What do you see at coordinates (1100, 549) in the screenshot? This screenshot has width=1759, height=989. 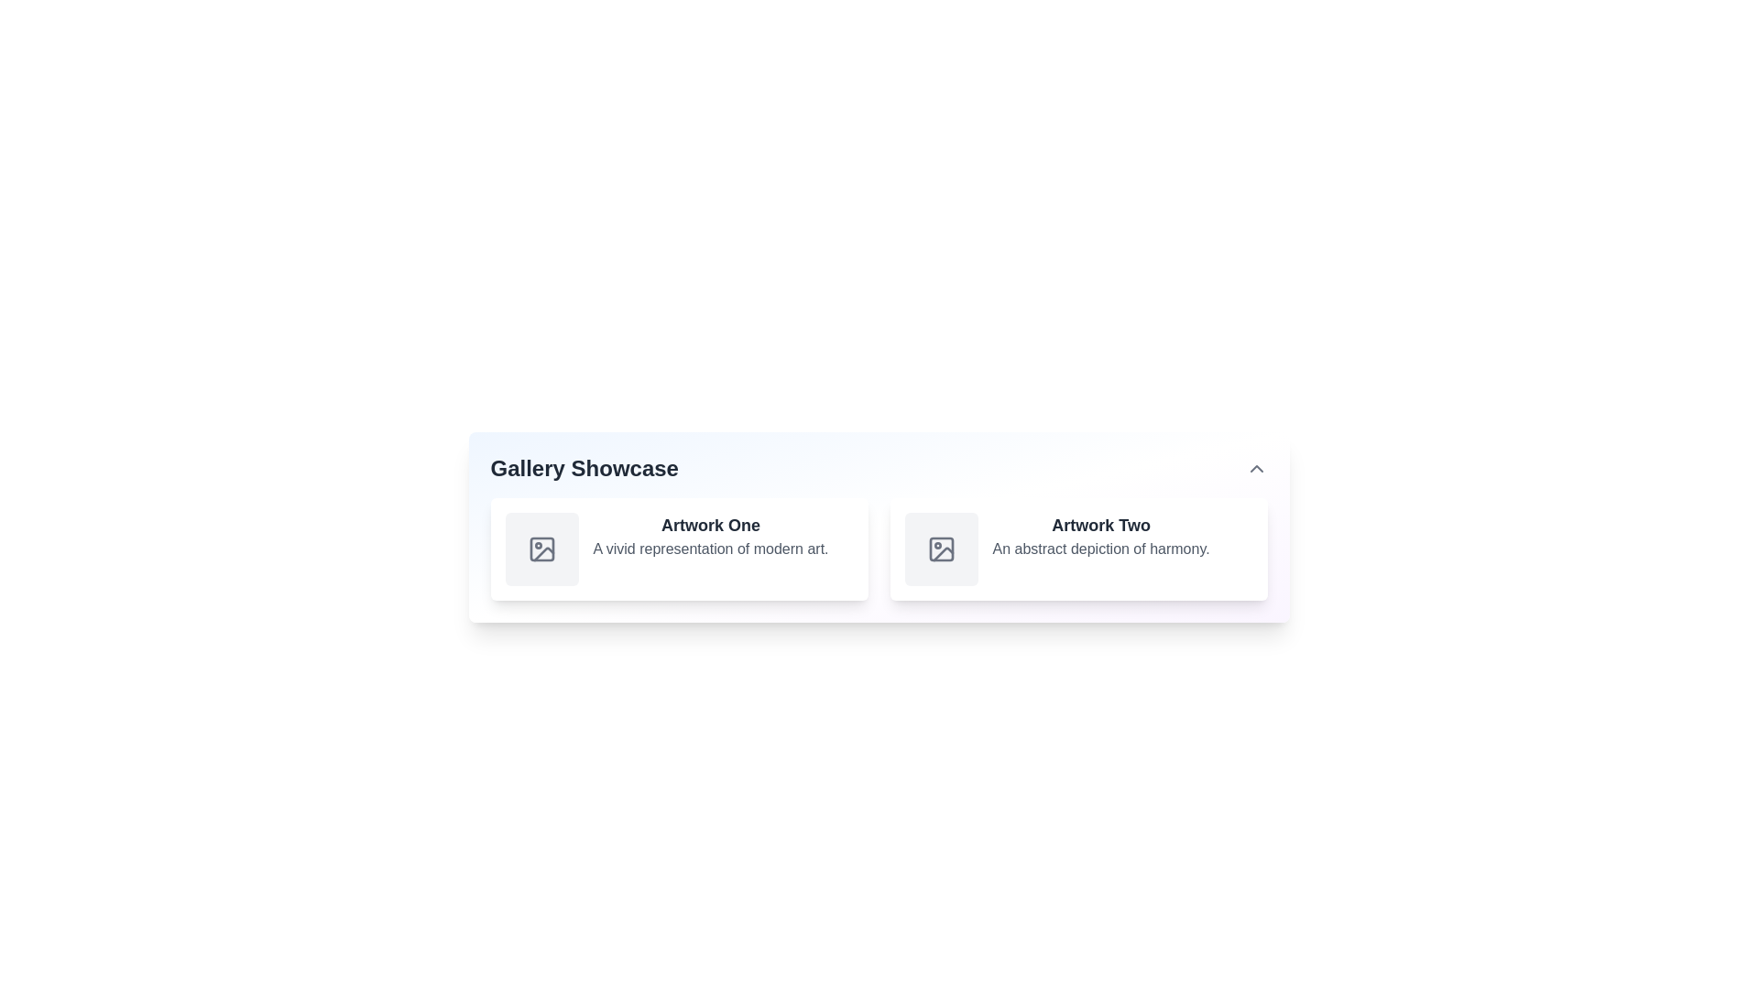 I see `static text label providing a descriptive subtitle about the art piece titled 'Artwork Two', positioned below the title text within the second card layout` at bounding box center [1100, 549].